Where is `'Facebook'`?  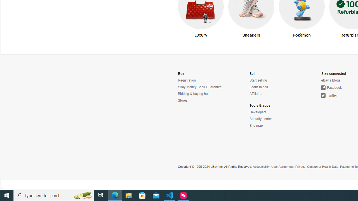
'Facebook' is located at coordinates (331, 88).